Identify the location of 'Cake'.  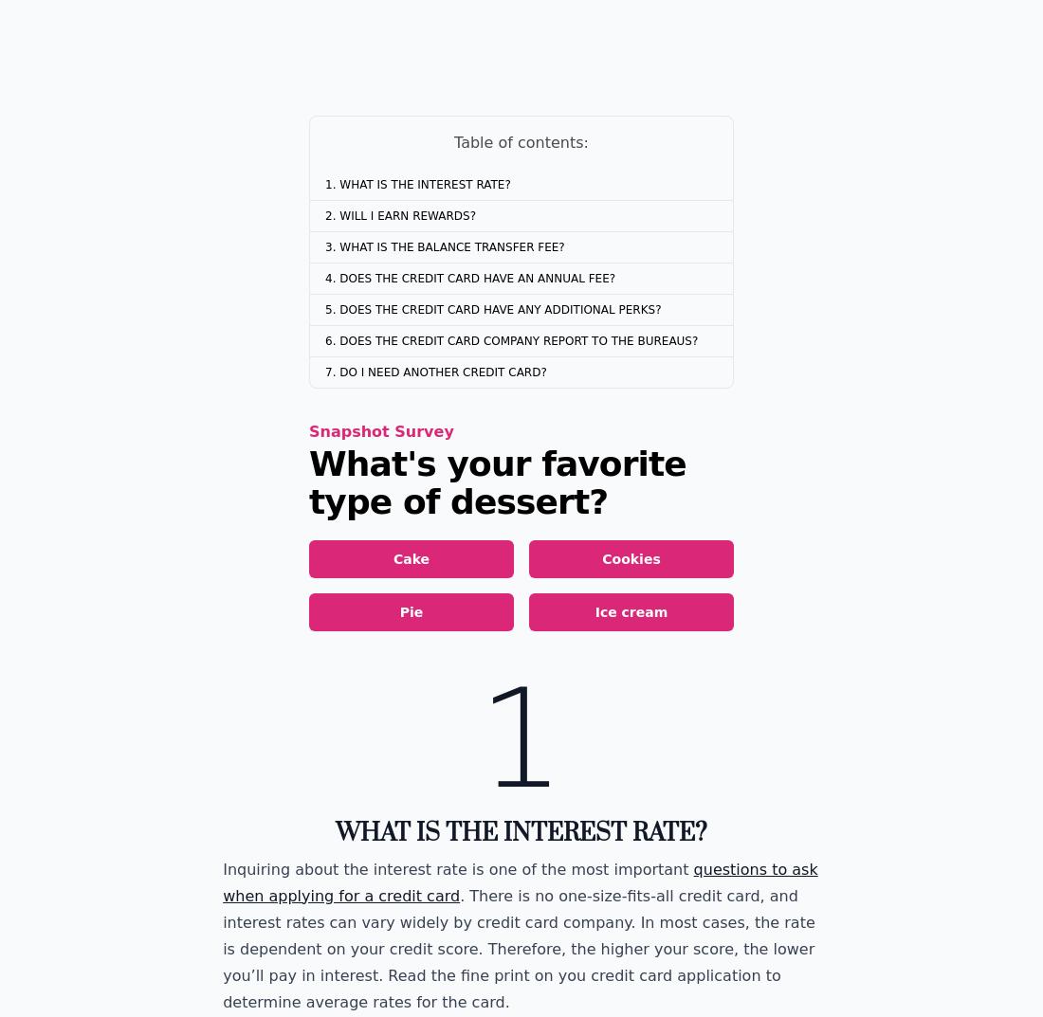
(410, 559).